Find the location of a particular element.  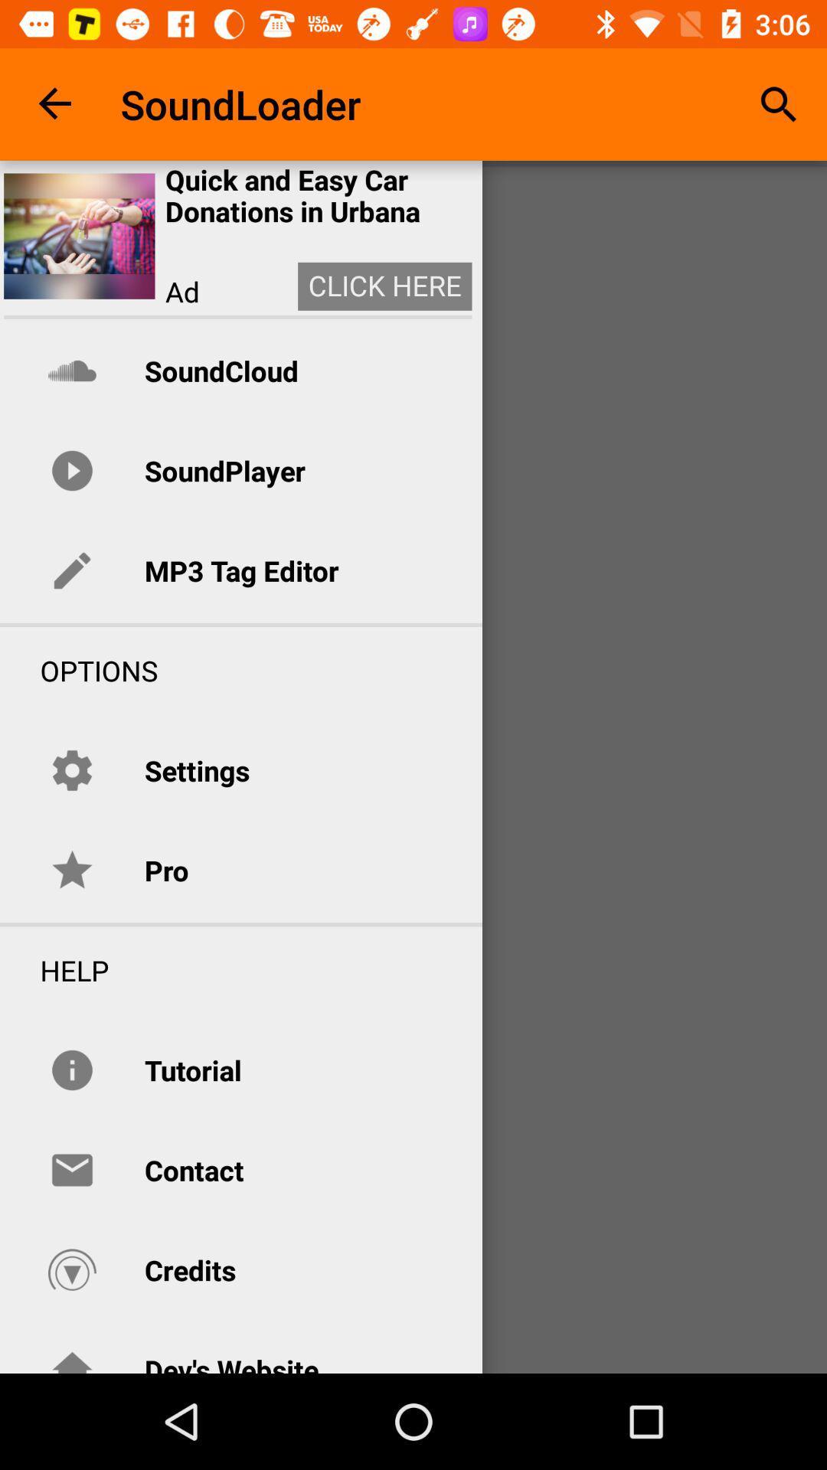

the item to the left of the quick and easy icon is located at coordinates (79, 235).